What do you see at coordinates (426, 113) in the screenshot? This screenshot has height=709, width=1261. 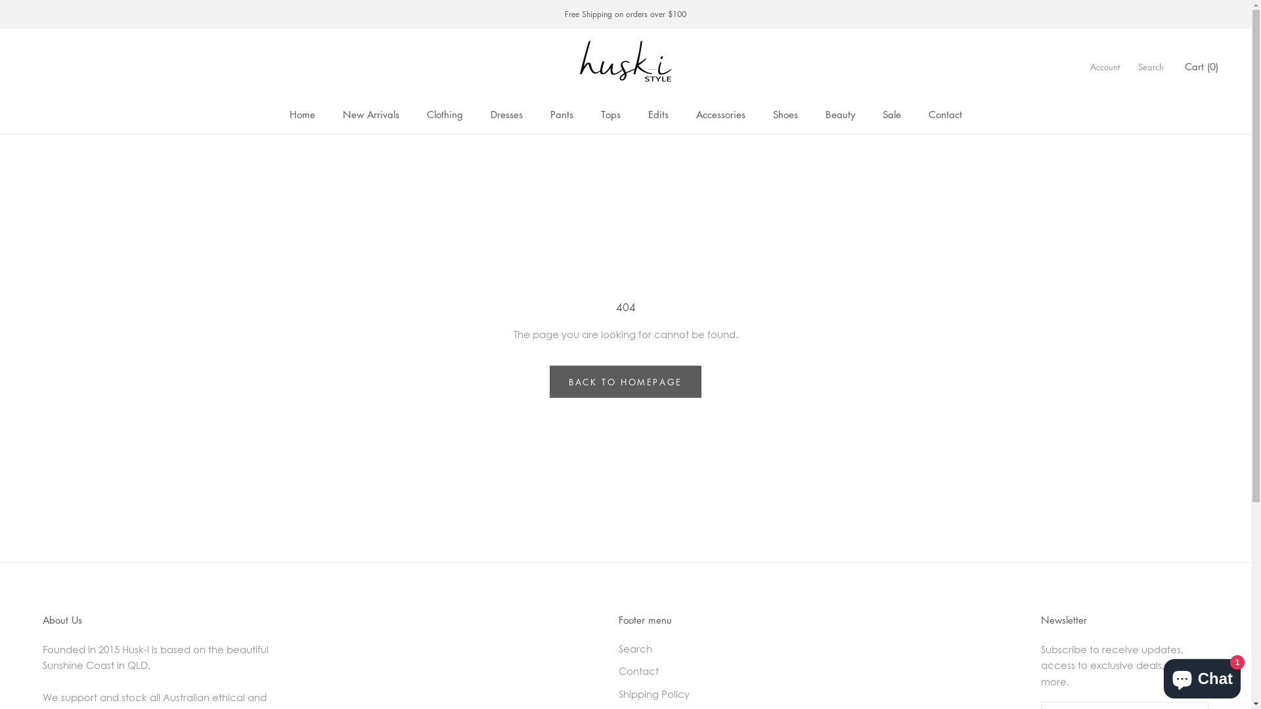 I see `'Clothing'` at bounding box center [426, 113].